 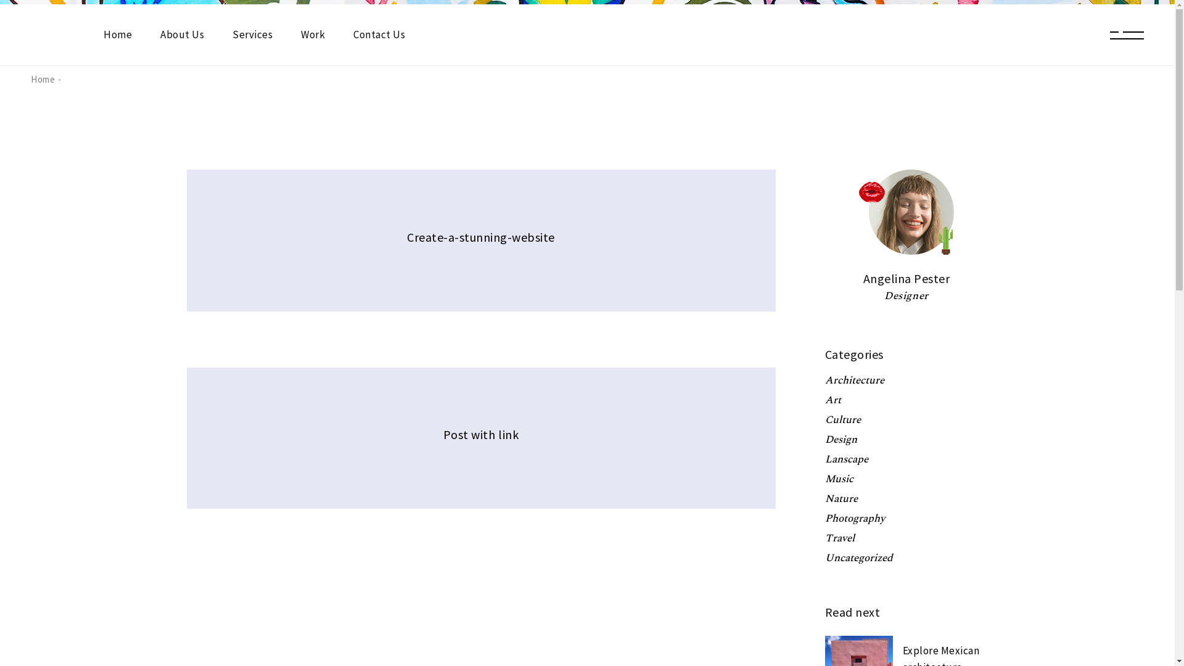 What do you see at coordinates (252, 34) in the screenshot?
I see `'Services'` at bounding box center [252, 34].